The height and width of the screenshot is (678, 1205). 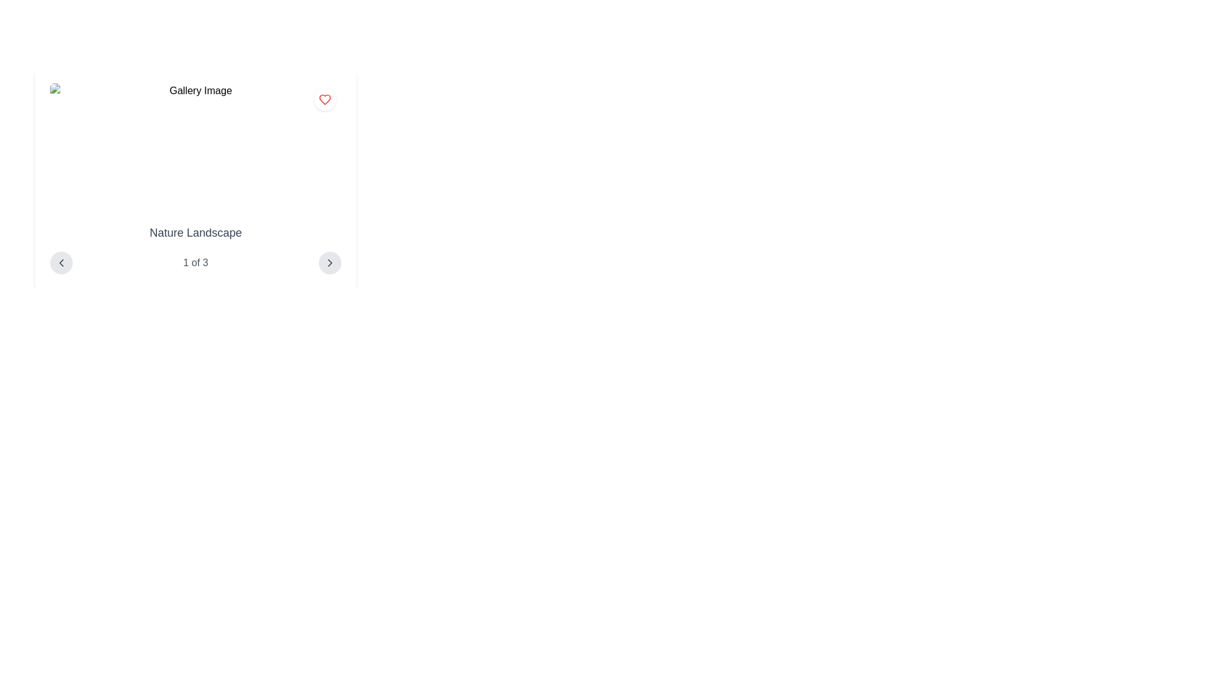 I want to click on the left circular button with a light gray background and a left-facing chevron icon, so click(x=60, y=262).